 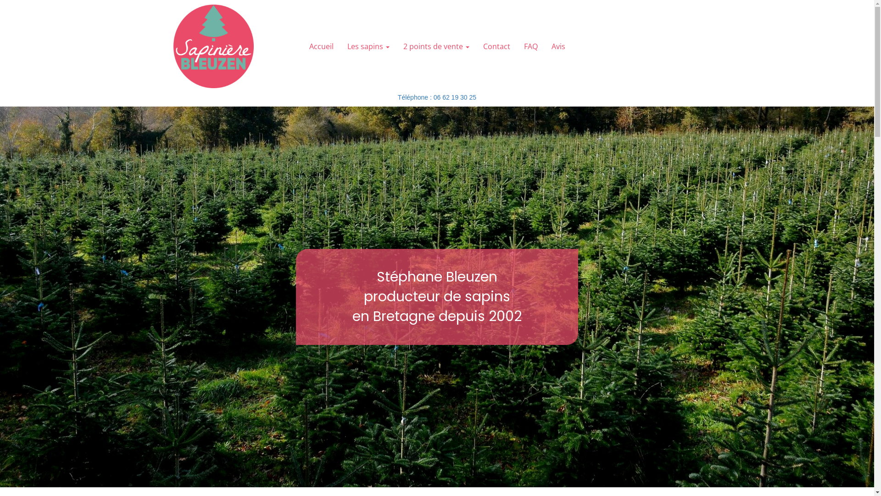 What do you see at coordinates (435, 46) in the screenshot?
I see `'2 points de vente'` at bounding box center [435, 46].